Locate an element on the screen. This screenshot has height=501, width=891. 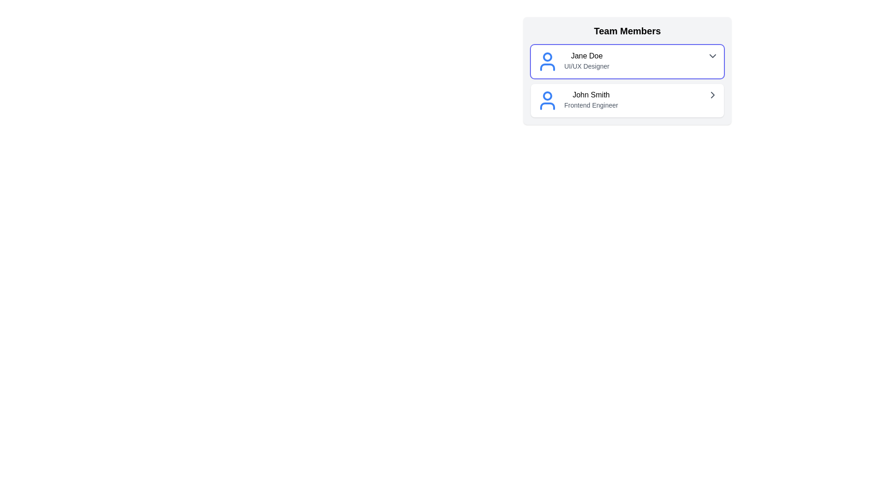
the static label indicating the role or job title of 'Jane Doe' within the team member list, located directly below the user's name is located at coordinates (586, 65).